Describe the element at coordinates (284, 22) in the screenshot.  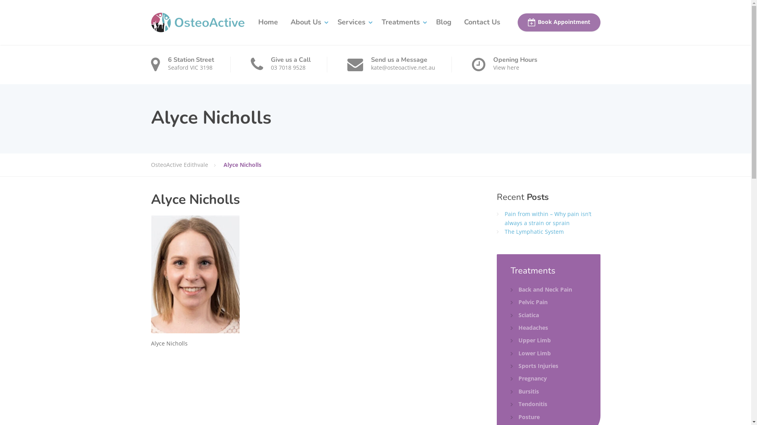
I see `'About Us'` at that location.